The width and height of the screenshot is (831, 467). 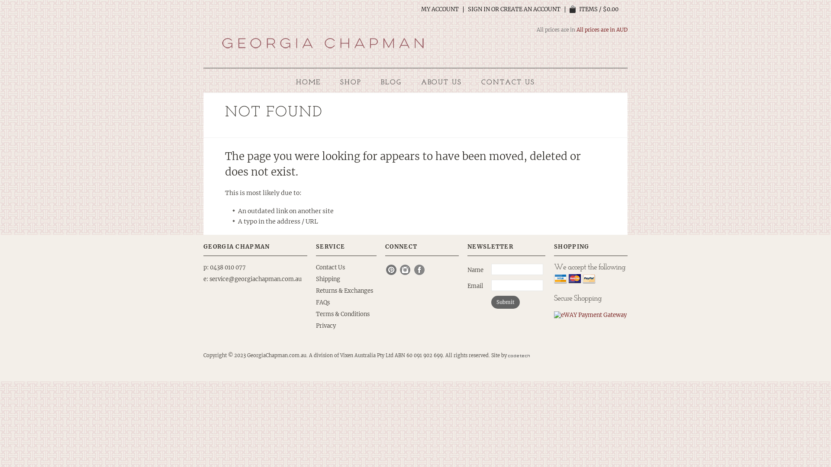 What do you see at coordinates (325, 326) in the screenshot?
I see `'Privacy'` at bounding box center [325, 326].